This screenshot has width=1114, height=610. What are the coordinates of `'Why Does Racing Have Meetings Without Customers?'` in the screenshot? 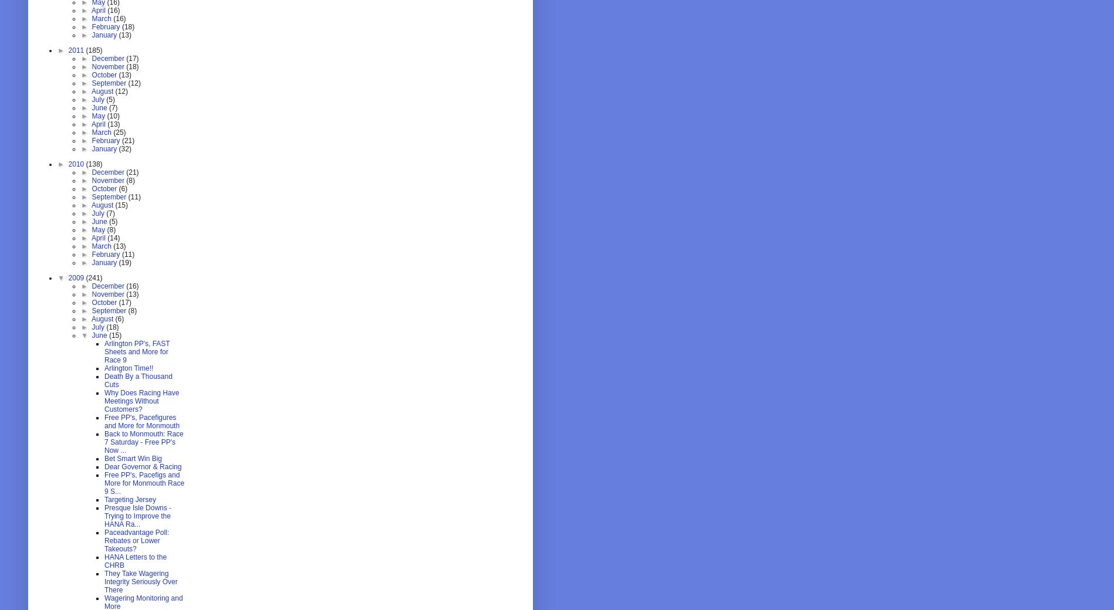 It's located at (104, 401).